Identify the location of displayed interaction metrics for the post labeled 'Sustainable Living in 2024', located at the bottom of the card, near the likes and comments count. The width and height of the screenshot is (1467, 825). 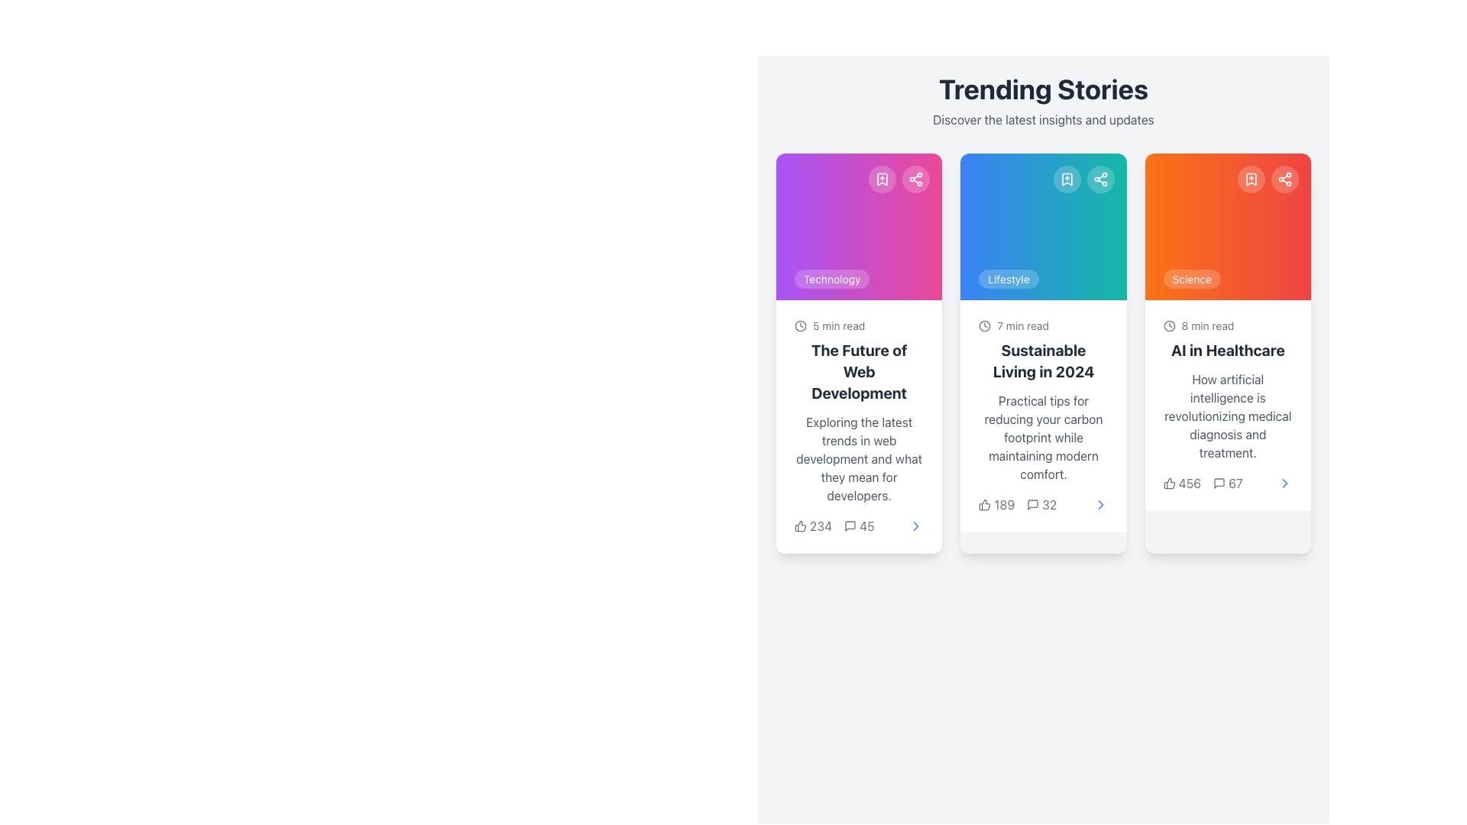
(1018, 504).